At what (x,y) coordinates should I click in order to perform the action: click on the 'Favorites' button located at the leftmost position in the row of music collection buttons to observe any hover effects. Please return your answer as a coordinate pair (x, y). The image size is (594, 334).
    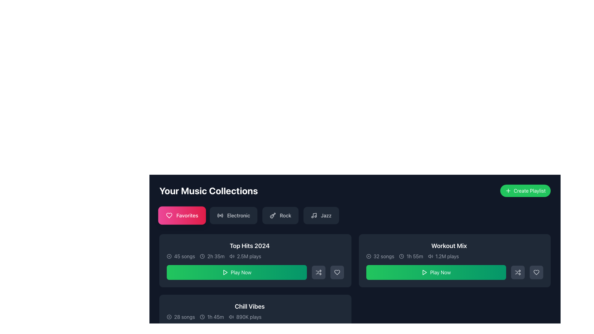
    Looking at the image, I should click on (182, 215).